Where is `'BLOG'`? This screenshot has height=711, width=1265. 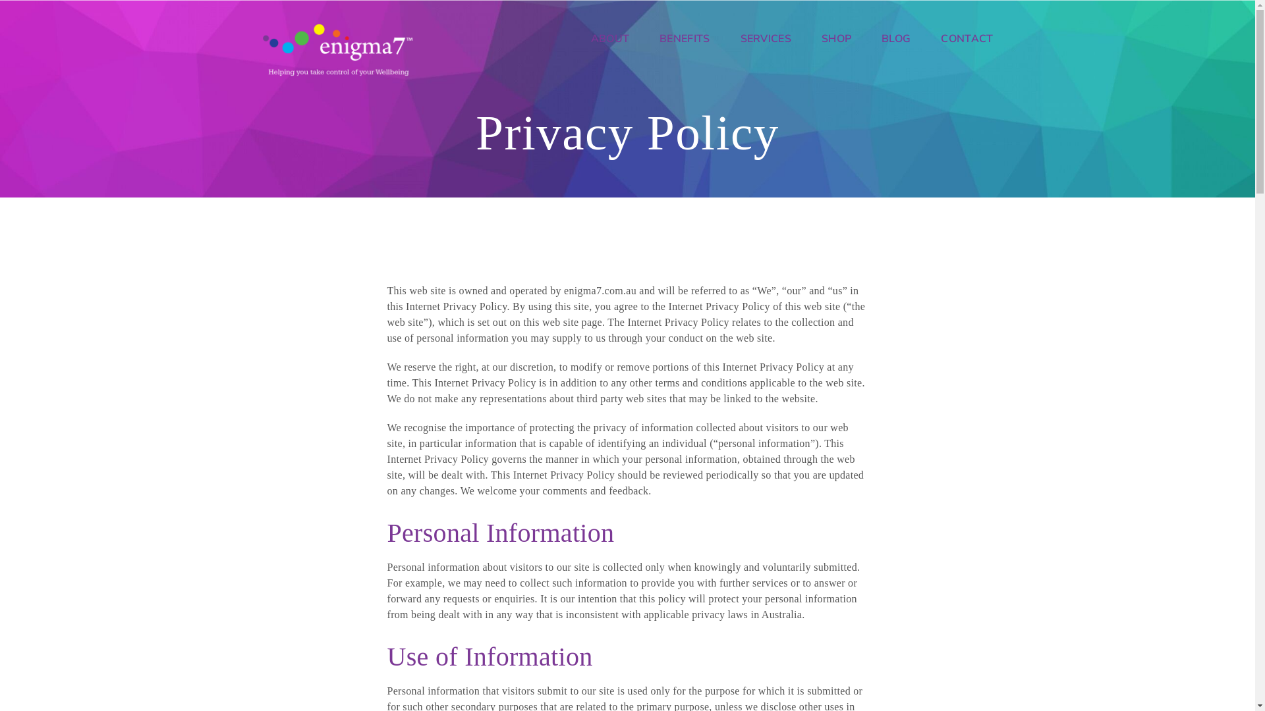 'BLOG' is located at coordinates (895, 38).